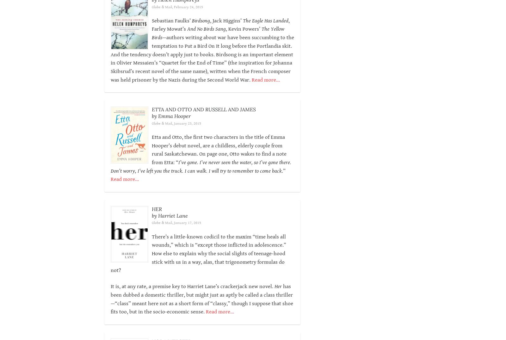 The height and width of the screenshot is (340, 506). What do you see at coordinates (192, 286) in the screenshot?
I see `'It is, at any rate, a premise key to Harriet Lane’s crackerjack new novel.'` at bounding box center [192, 286].